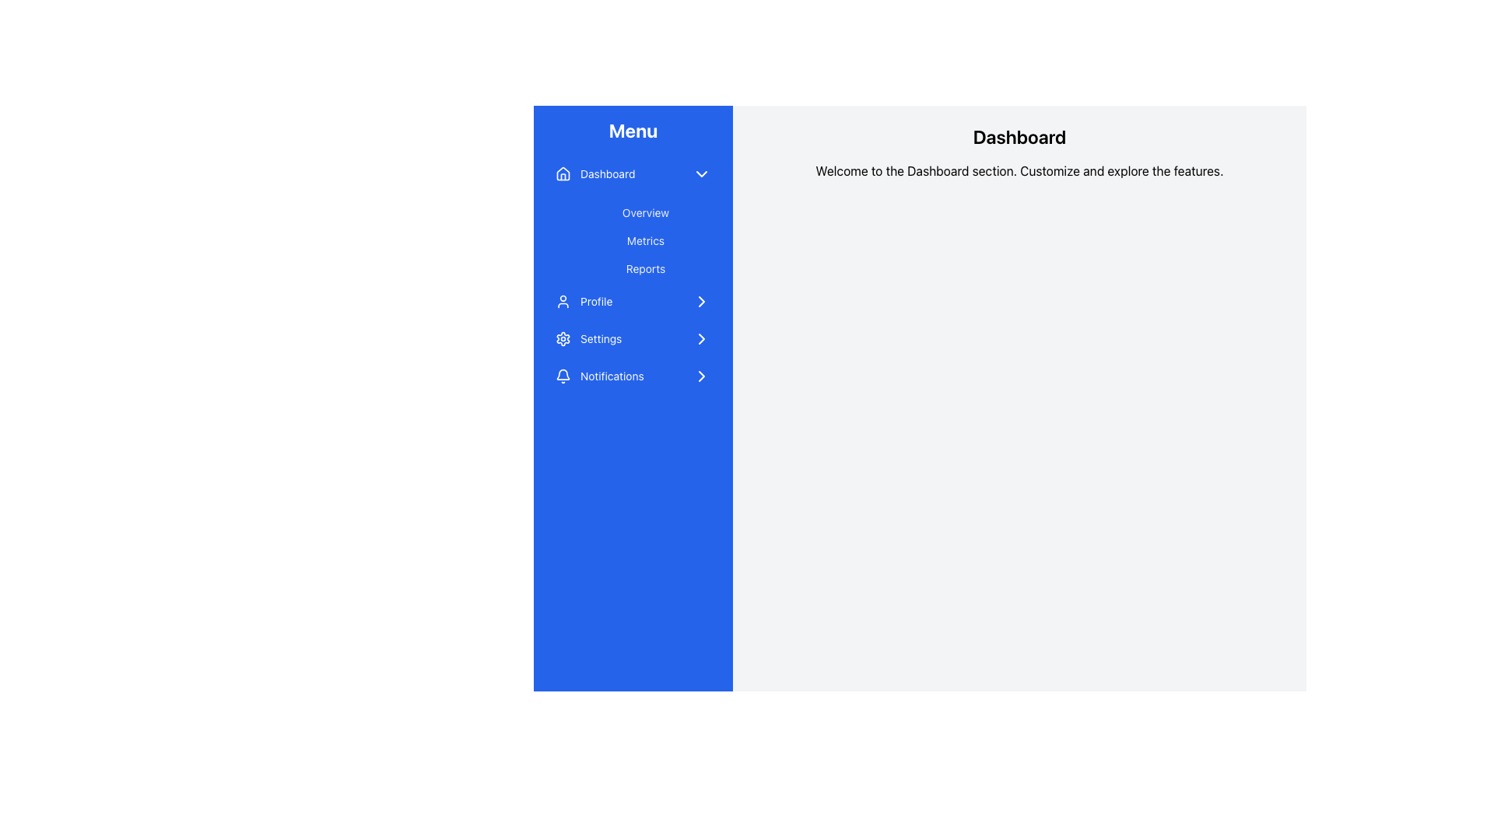 Image resolution: width=1494 pixels, height=840 pixels. What do you see at coordinates (607, 173) in the screenshot?
I see `the text label displaying 'Dashboard' in a sans-serif font, located in the blue sidebar on the left, positioned below the 'Menu' heading and above the links 'Overview', 'Metrics', and 'Reports'` at bounding box center [607, 173].